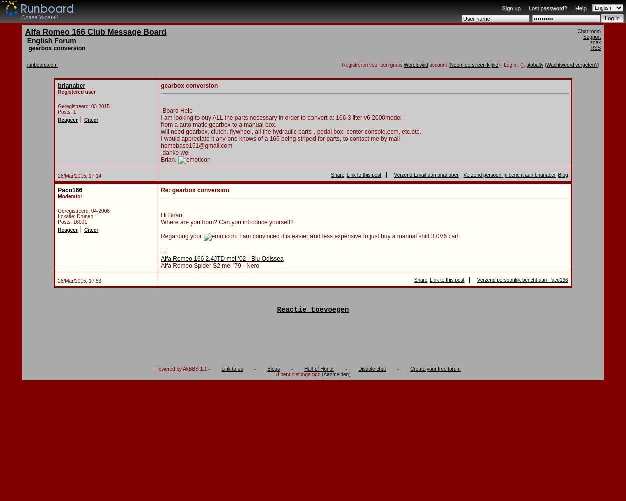  Describe the element at coordinates (592, 36) in the screenshot. I see `'Support'` at that location.